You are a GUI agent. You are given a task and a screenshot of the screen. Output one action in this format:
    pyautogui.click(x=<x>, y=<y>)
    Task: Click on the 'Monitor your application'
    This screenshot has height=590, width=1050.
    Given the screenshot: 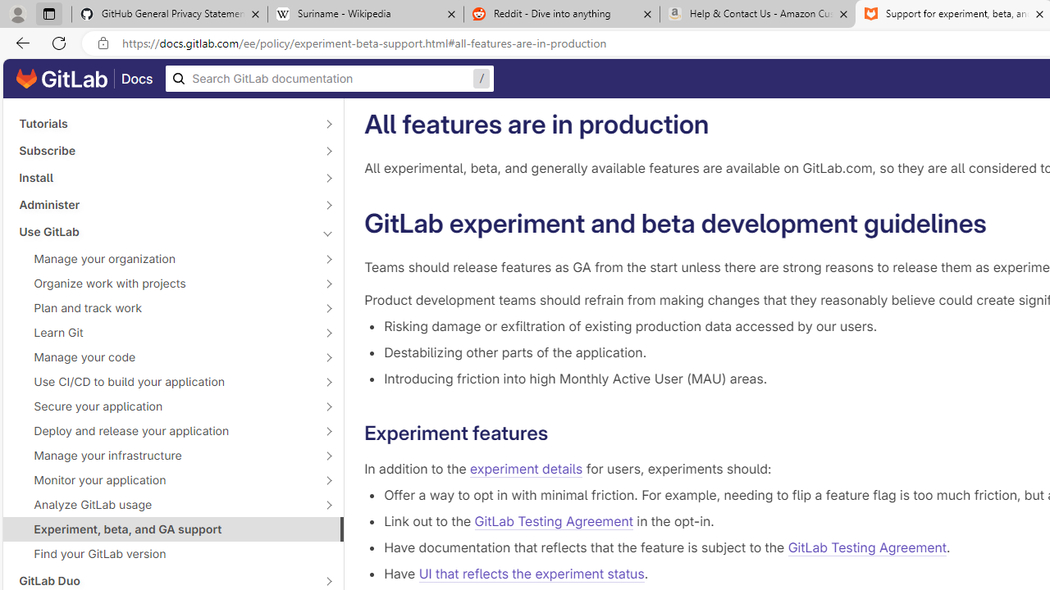 What is the action you would take?
    pyautogui.click(x=164, y=479)
    